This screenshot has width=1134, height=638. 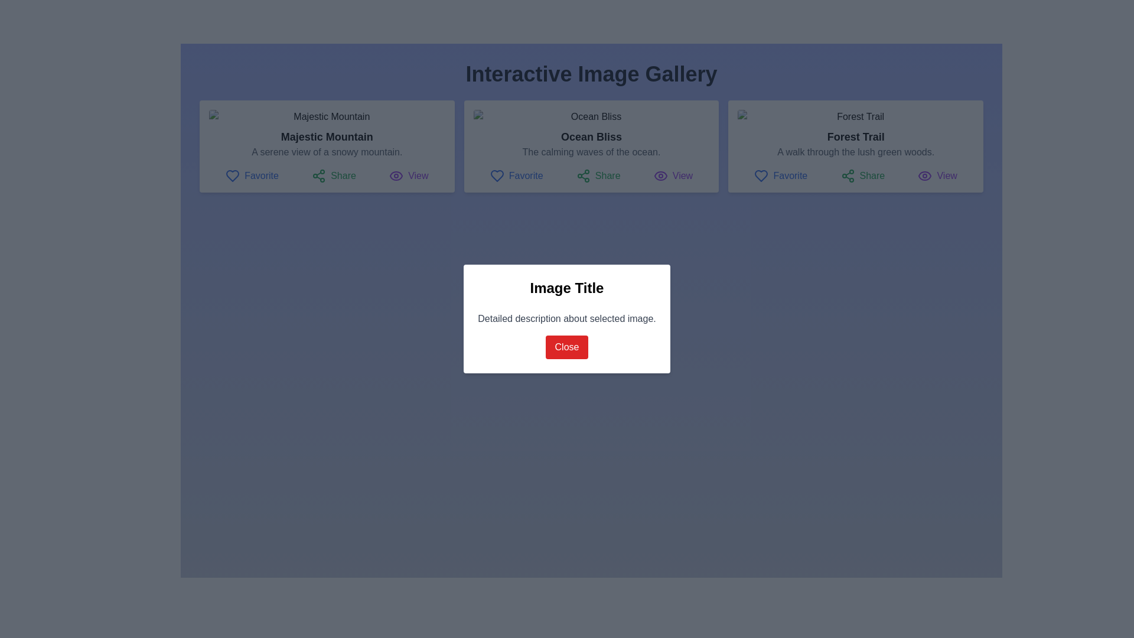 I want to click on the green share icon, which is part of the 'Share' button group in the middle card of the interactive gallery, located to the left of the 'Share' text, so click(x=583, y=175).